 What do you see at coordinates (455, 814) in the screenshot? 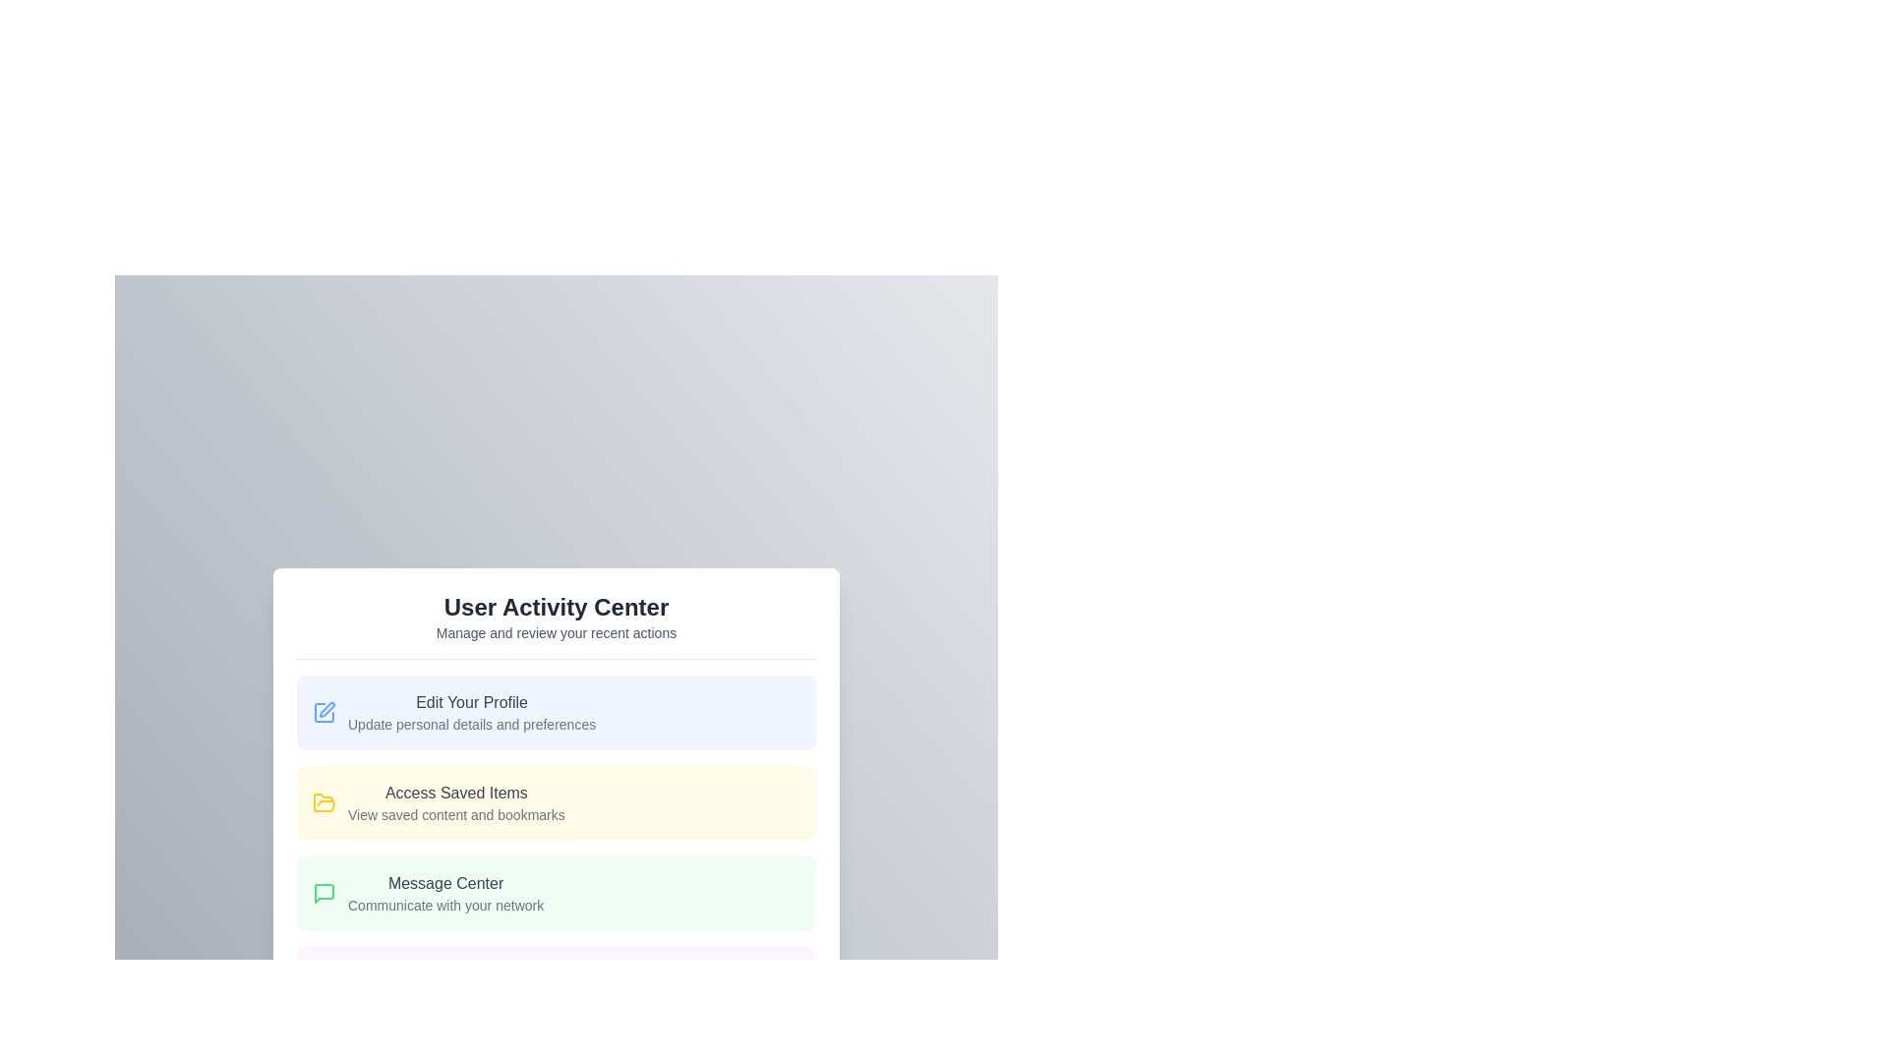
I see `the informational text that reads 'View saved content and bookmarks', located beneath the 'Access Saved Items' header and within the yellow section` at bounding box center [455, 814].